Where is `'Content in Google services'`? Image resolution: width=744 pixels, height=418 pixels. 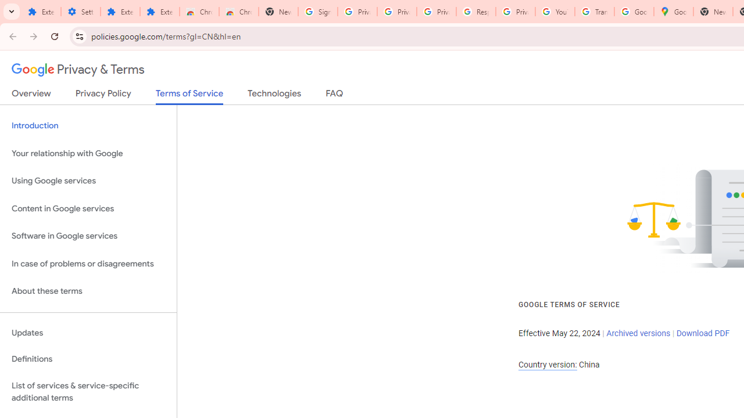 'Content in Google services' is located at coordinates (88, 208).